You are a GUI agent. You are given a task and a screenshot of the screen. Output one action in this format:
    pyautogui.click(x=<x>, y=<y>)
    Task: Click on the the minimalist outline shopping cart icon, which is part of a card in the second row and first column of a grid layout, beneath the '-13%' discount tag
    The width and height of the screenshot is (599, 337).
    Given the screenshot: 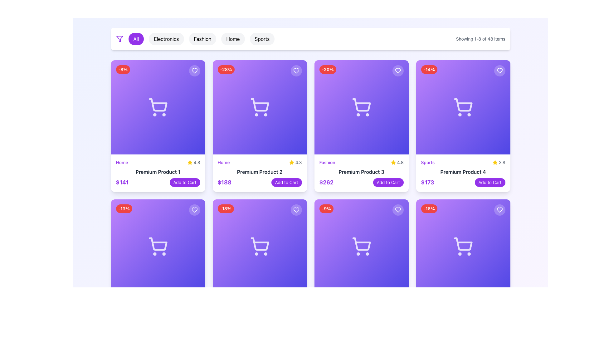 What is the action you would take?
    pyautogui.click(x=158, y=246)
    